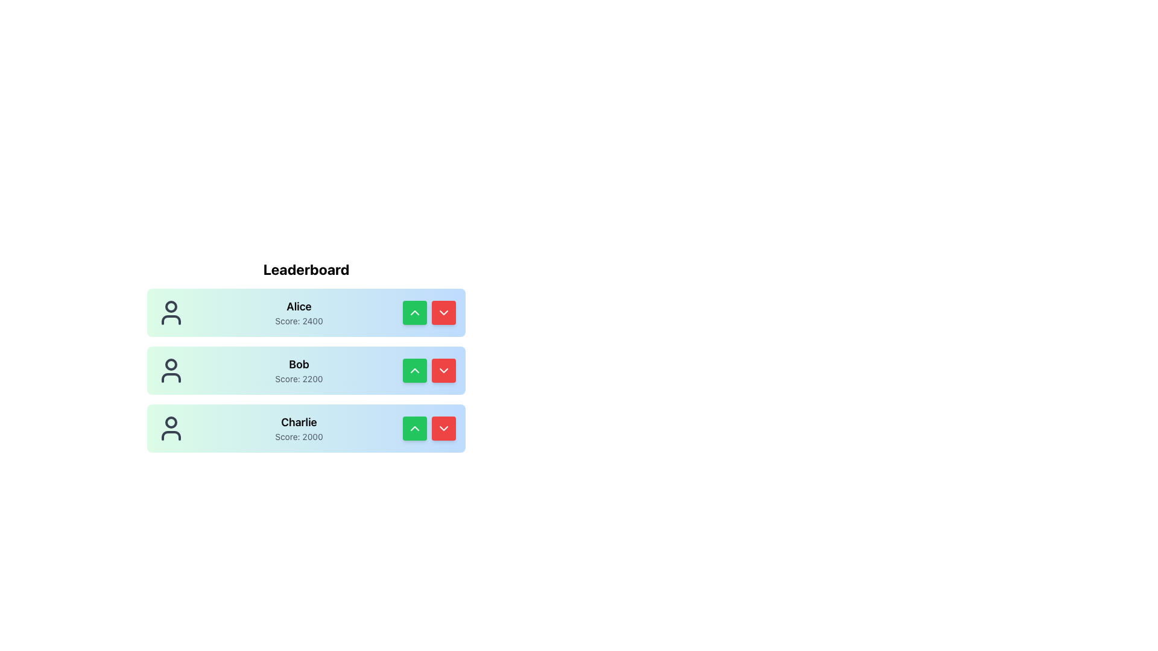  What do you see at coordinates (414, 427) in the screenshot?
I see `the upward vote button located on the right side of the row for 'Charlie' in the leaderboard interface to increase the user's score or rank` at bounding box center [414, 427].